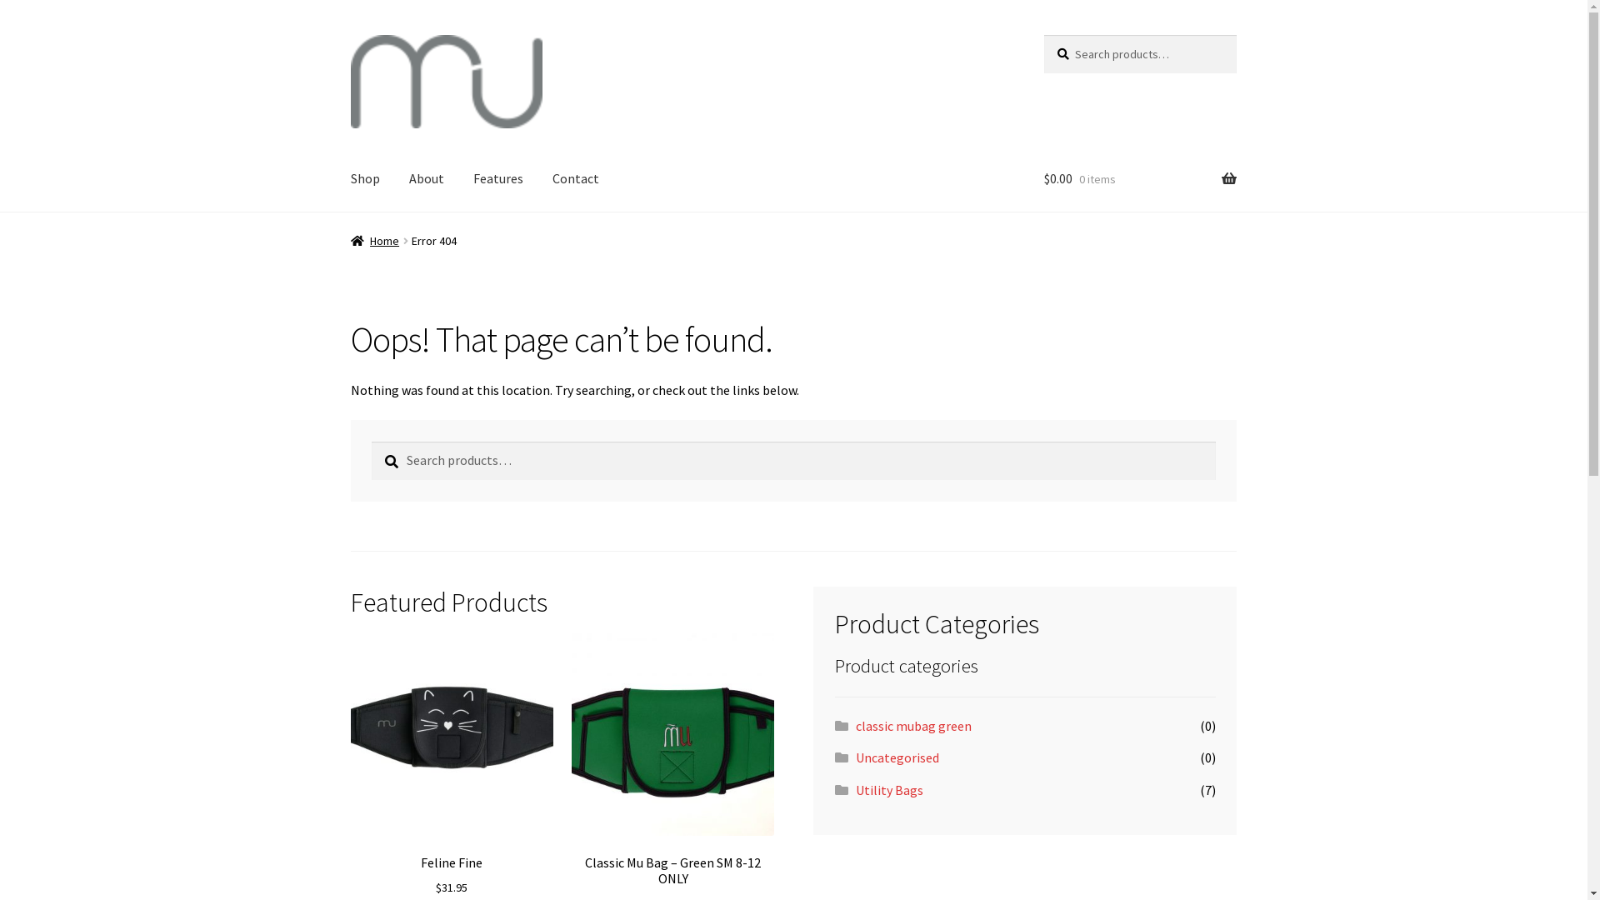 This screenshot has height=900, width=1600. I want to click on 'classic mubag green', so click(912, 725).